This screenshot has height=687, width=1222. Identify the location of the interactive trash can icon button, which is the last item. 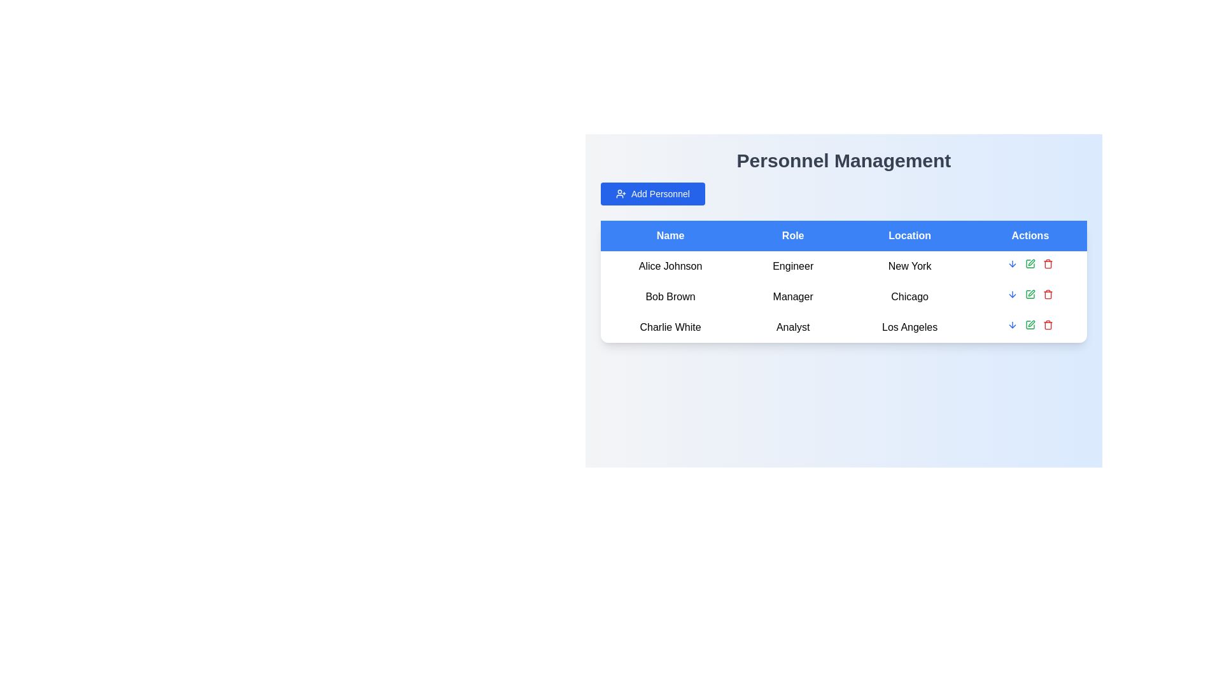
(1048, 324).